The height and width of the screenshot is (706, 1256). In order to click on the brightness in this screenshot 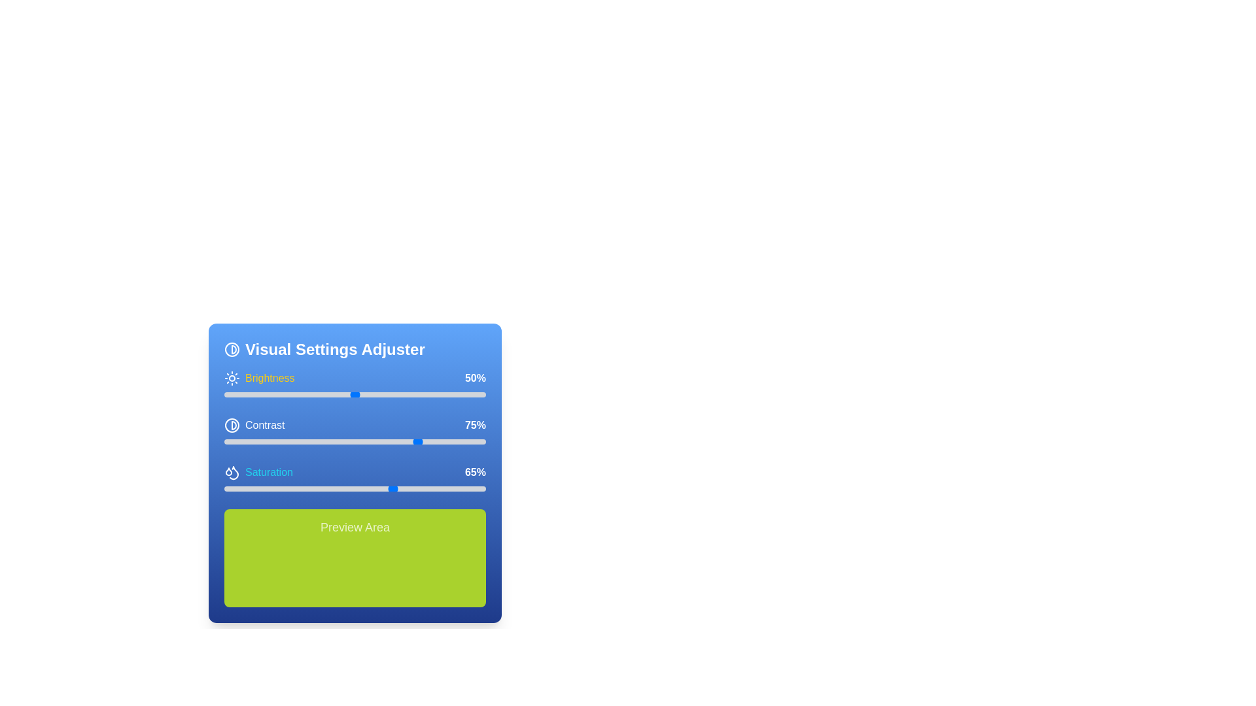, I will do `click(294, 394)`.